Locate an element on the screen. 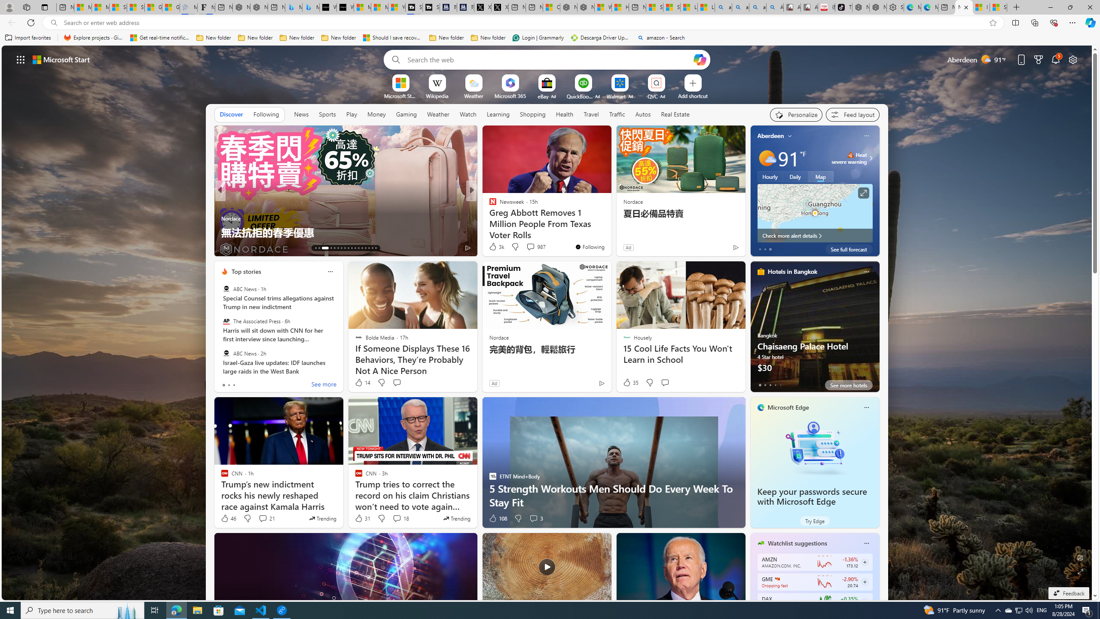  'AutomationID: tab-24' is located at coordinates (358, 248).